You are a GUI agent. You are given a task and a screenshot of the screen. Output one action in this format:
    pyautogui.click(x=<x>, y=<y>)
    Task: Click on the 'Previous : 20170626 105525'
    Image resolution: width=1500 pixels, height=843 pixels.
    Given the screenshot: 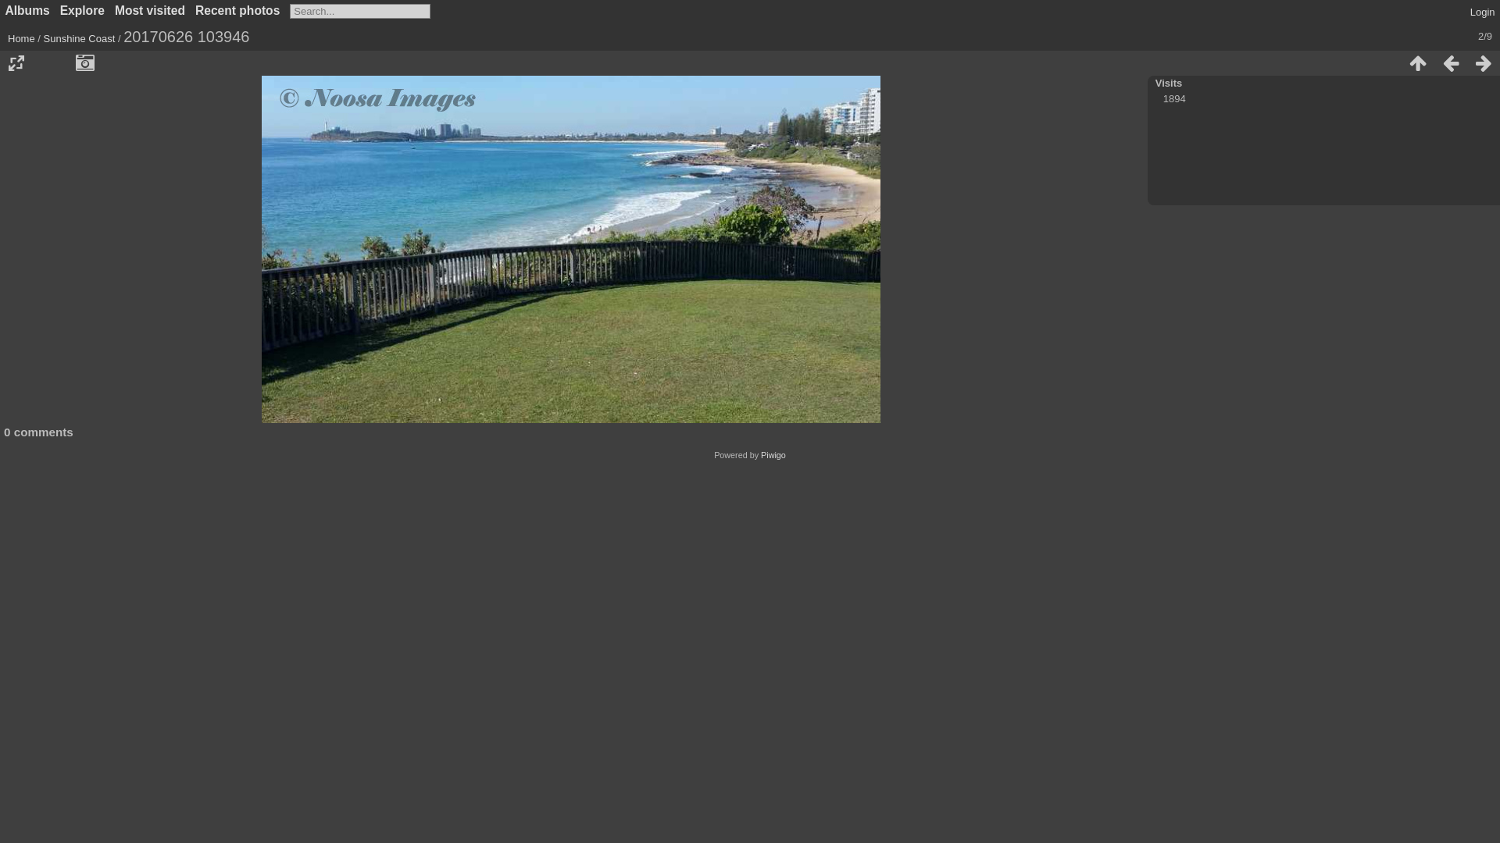 What is the action you would take?
    pyautogui.click(x=1450, y=62)
    